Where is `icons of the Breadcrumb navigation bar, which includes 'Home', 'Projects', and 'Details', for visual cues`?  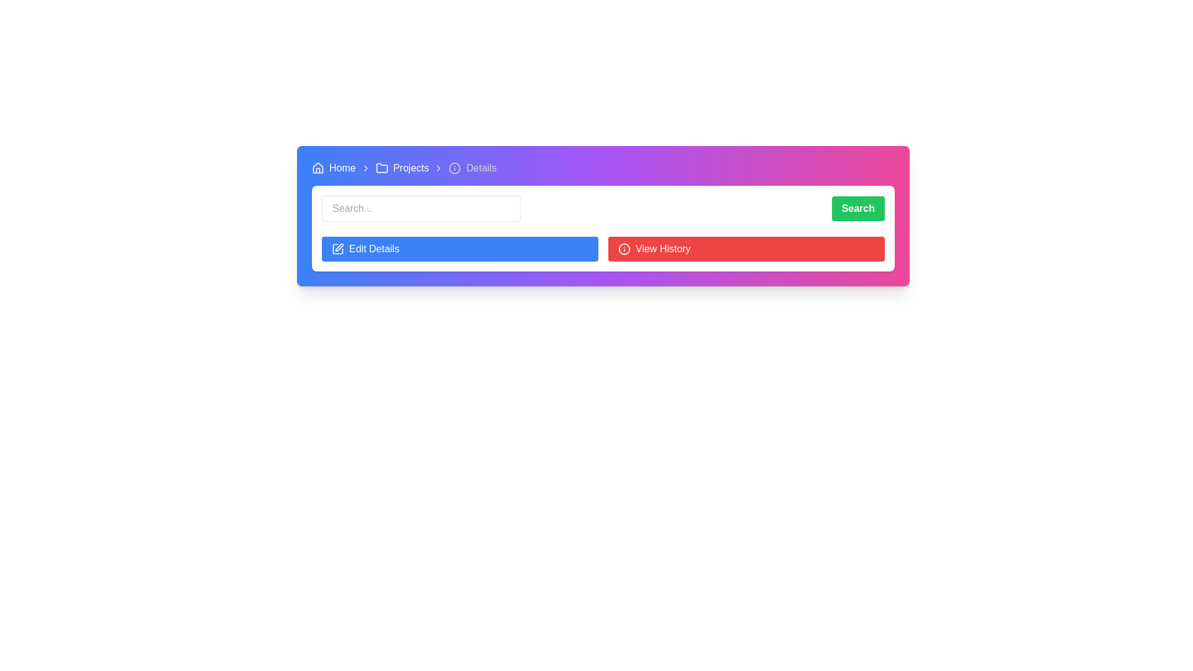 icons of the Breadcrumb navigation bar, which includes 'Home', 'Projects', and 'Details', for visual cues is located at coordinates (603, 168).